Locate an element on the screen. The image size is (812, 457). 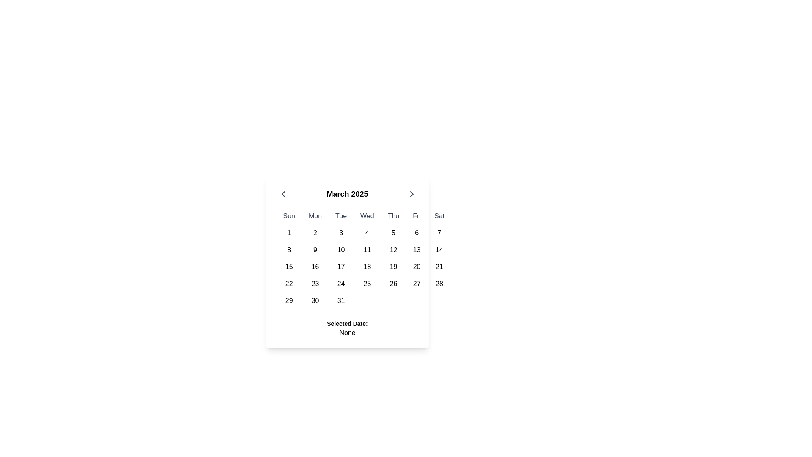
the selectable date button '25' in the calendar under the header 'March 2025' is located at coordinates (367, 284).